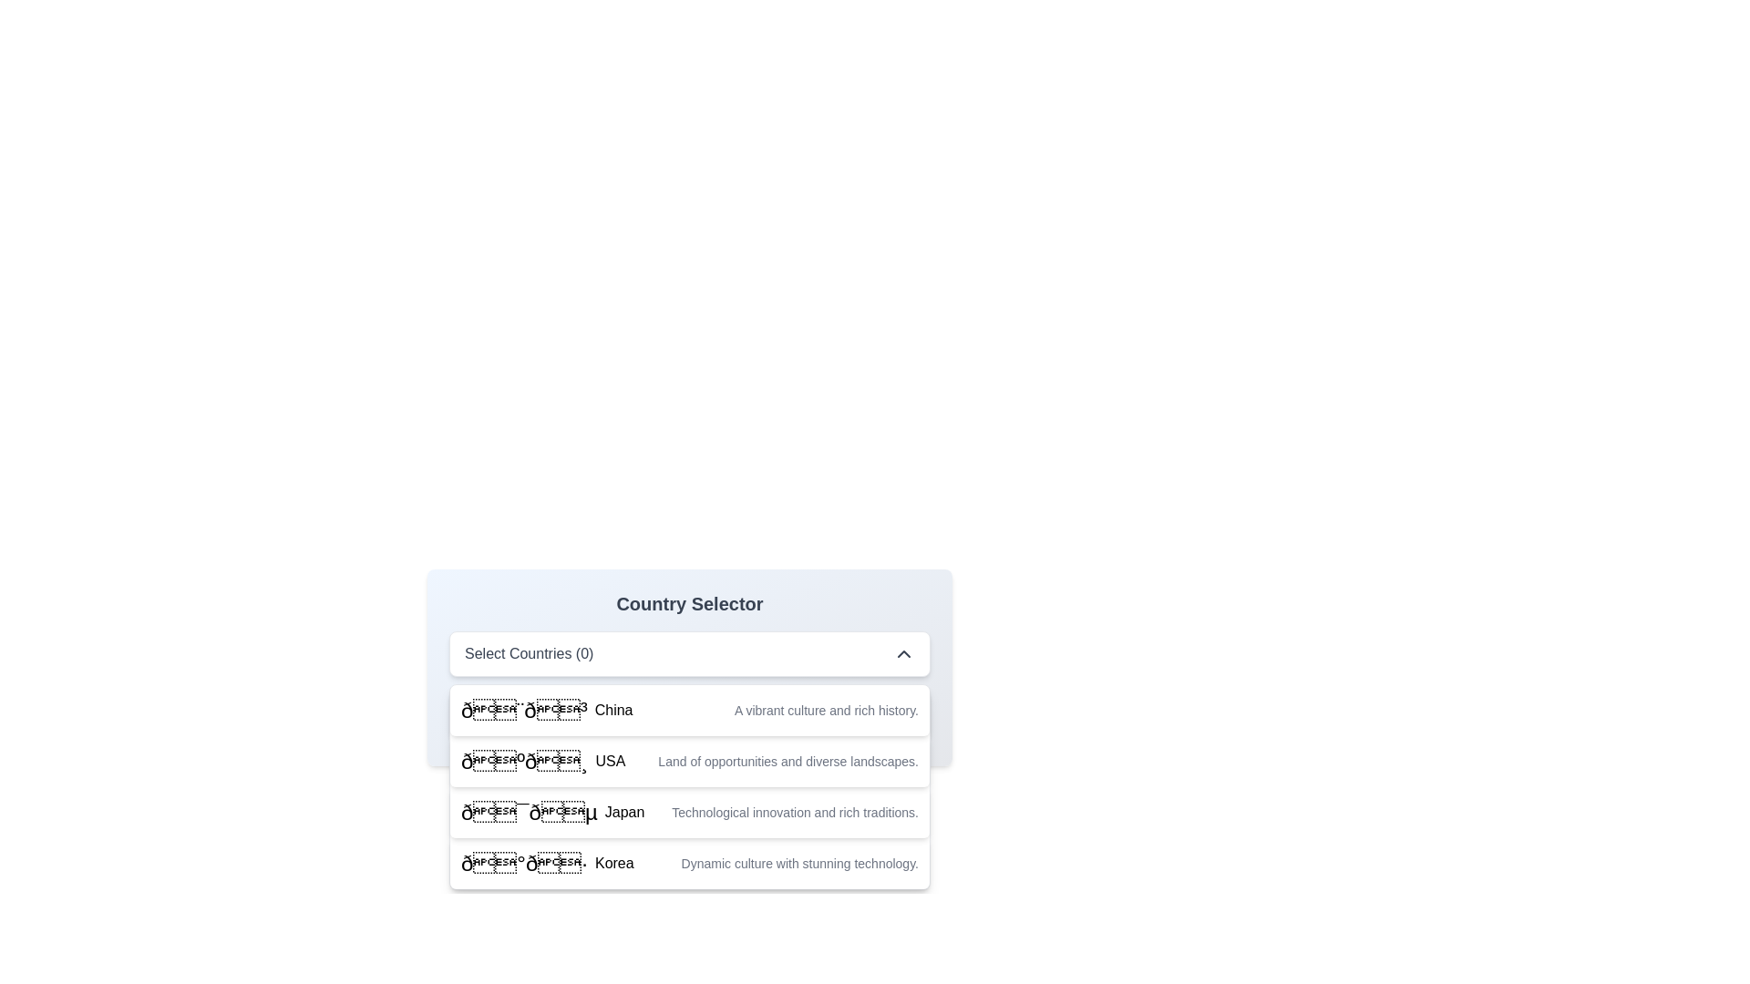  I want to click on the emoji/icon representing the country 'China' located at the first position in the dropdown list, which is to the left of the 'China' label, so click(523, 709).